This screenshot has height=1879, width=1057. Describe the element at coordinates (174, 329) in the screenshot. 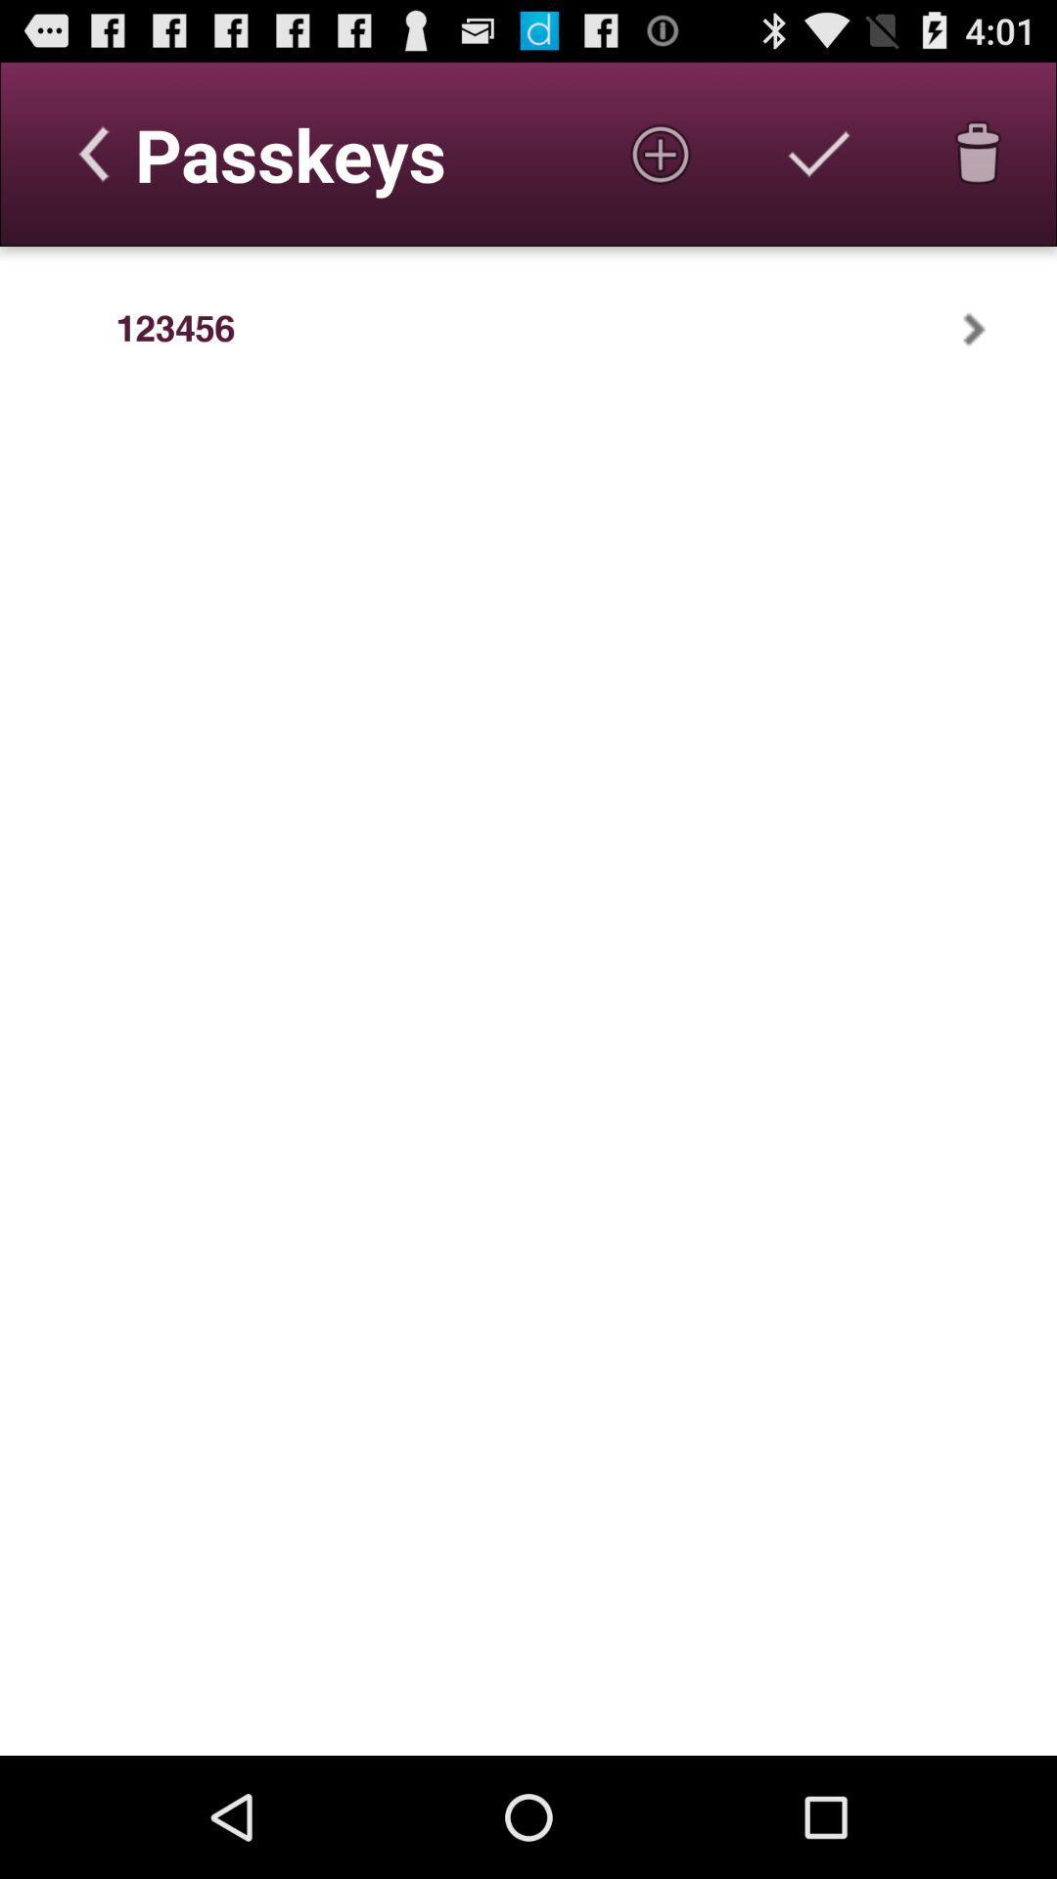

I see `app below the passkeys` at that location.